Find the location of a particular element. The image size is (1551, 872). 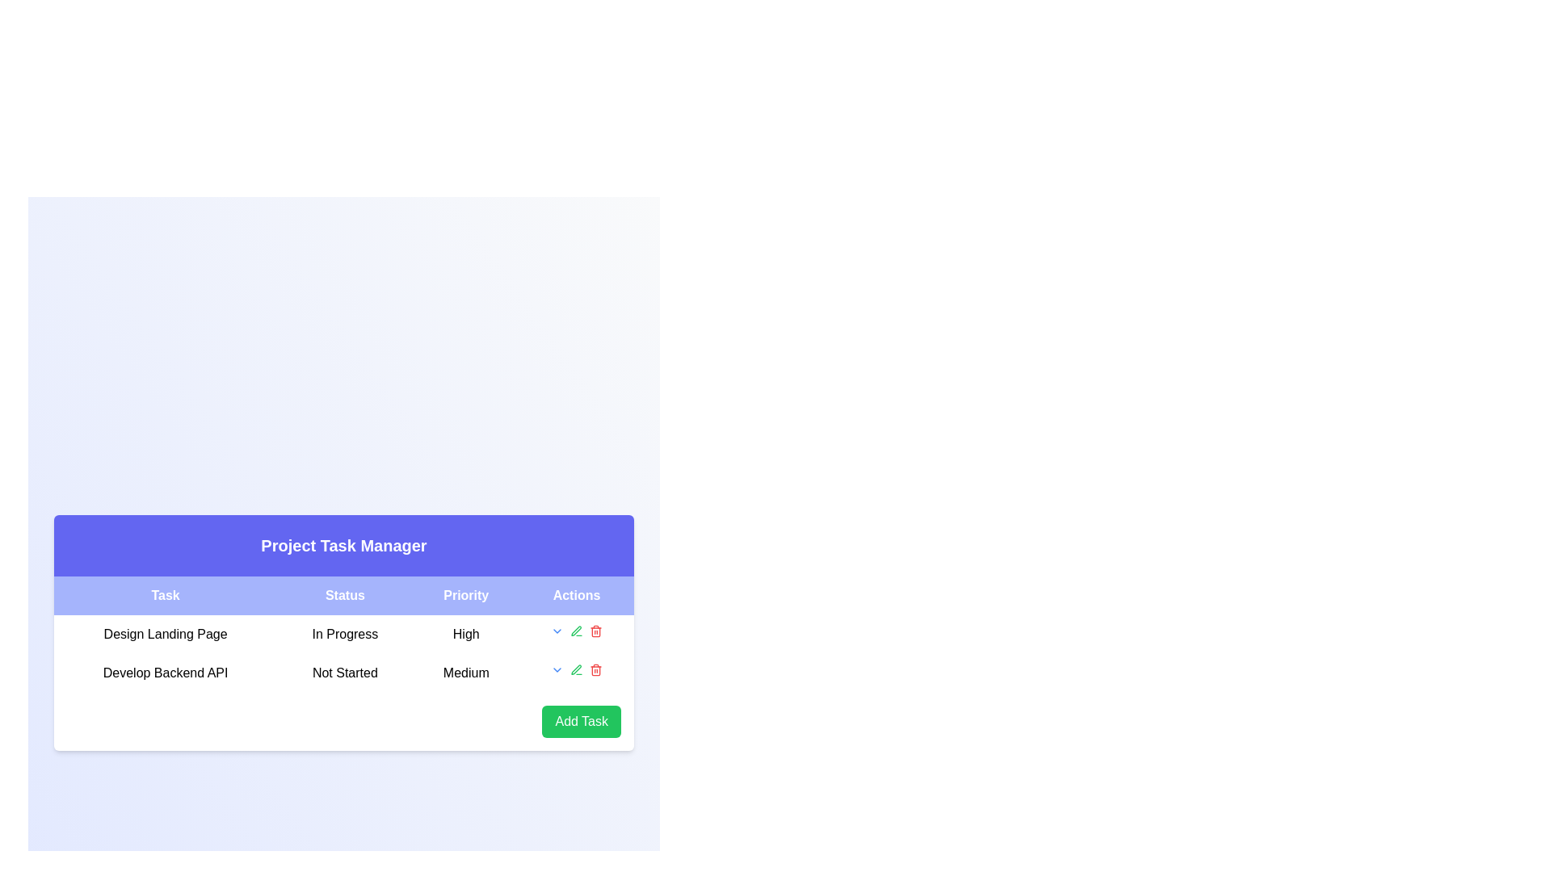

the 'Priority' label, which is styled with a blue background and white text, located in the third section of the header bar above the table-style list is located at coordinates (465, 595).